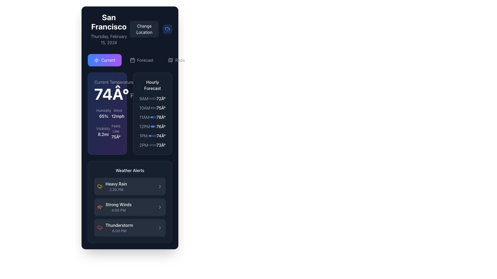 This screenshot has height=279, width=497. What do you see at coordinates (111, 94) in the screenshot?
I see `on the Text display element that shows the current temperature value, located under the 'Current Temperature' label in the middle-left section of the application interface` at bounding box center [111, 94].